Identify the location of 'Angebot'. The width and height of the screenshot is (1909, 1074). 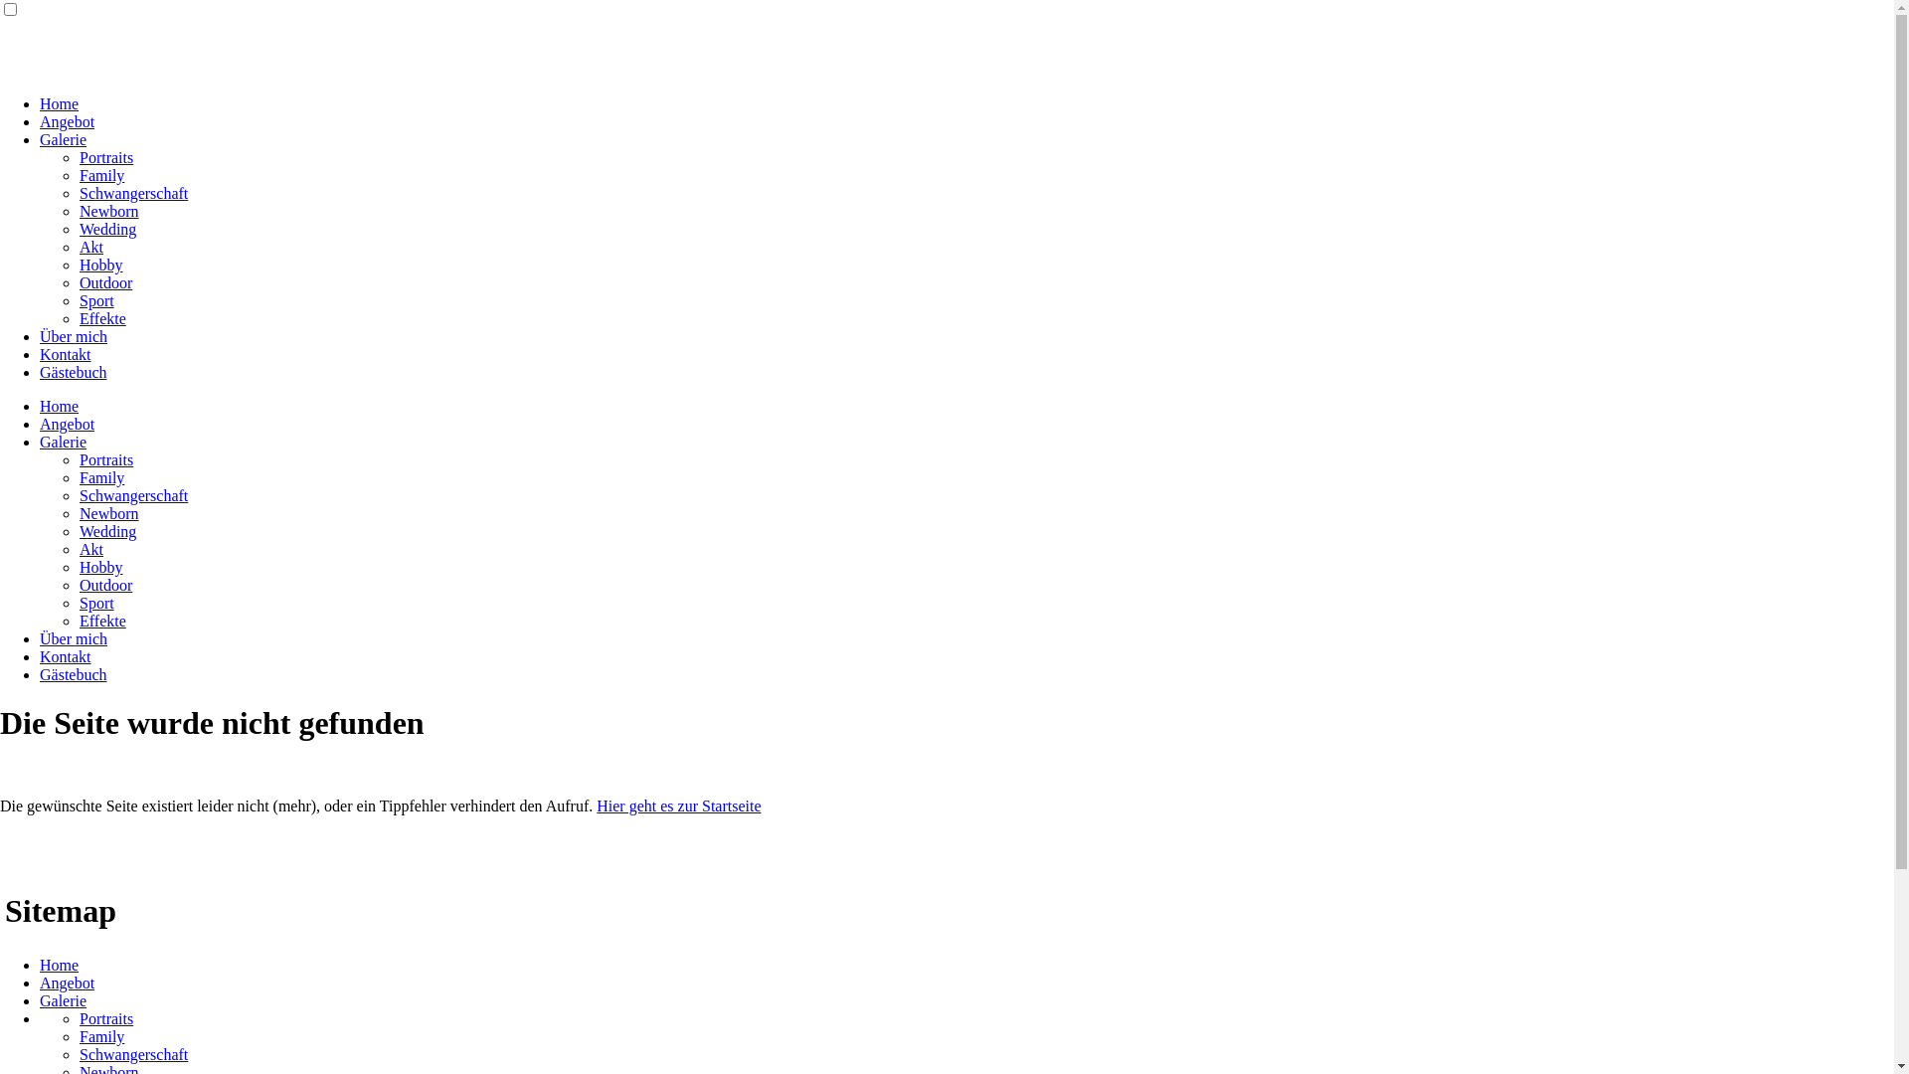
(67, 121).